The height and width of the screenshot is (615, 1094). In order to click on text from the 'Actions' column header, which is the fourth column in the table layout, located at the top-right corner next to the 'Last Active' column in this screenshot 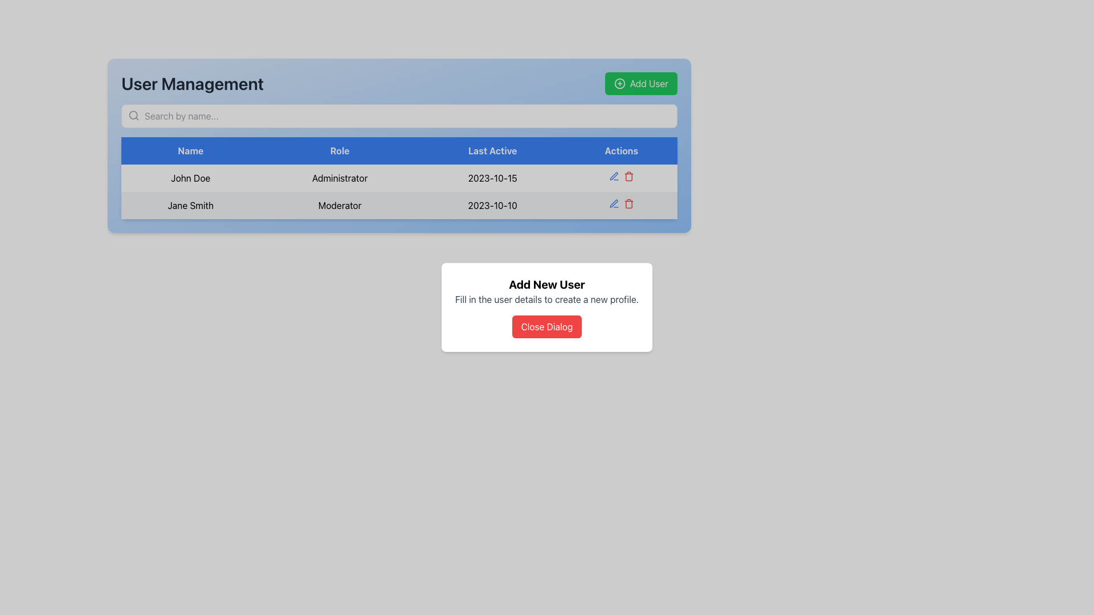, I will do `click(621, 150)`.